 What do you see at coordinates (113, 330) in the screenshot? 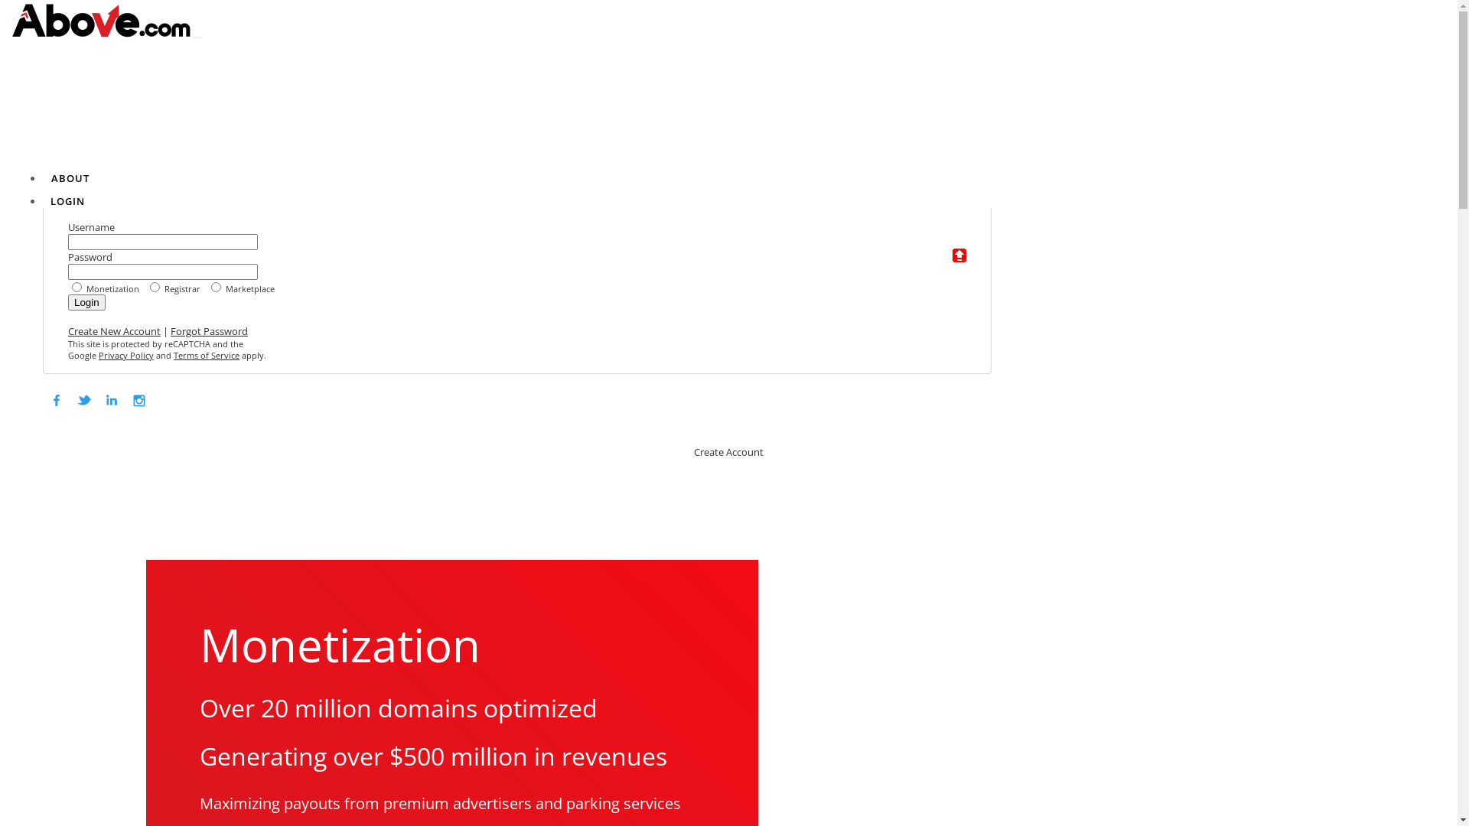
I see `'Create New Account'` at bounding box center [113, 330].